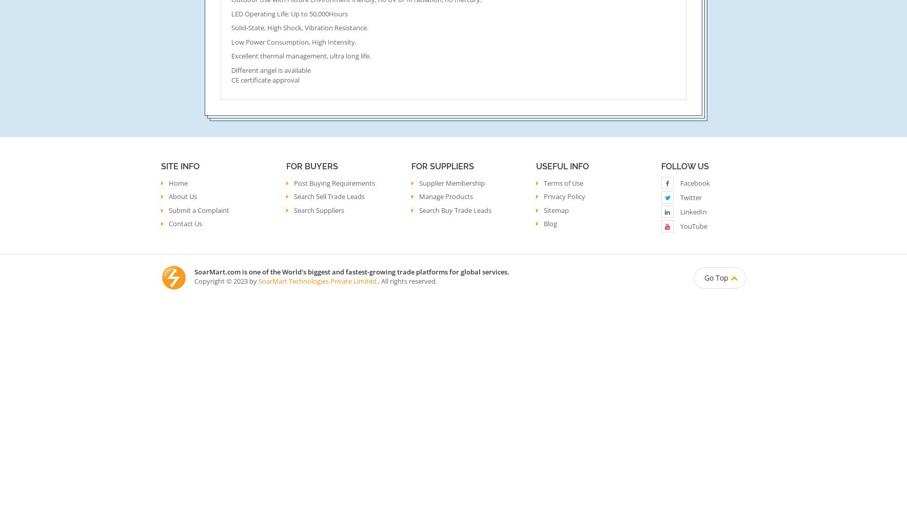  Describe the element at coordinates (169, 210) in the screenshot. I see `'Submit a Complaint'` at that location.